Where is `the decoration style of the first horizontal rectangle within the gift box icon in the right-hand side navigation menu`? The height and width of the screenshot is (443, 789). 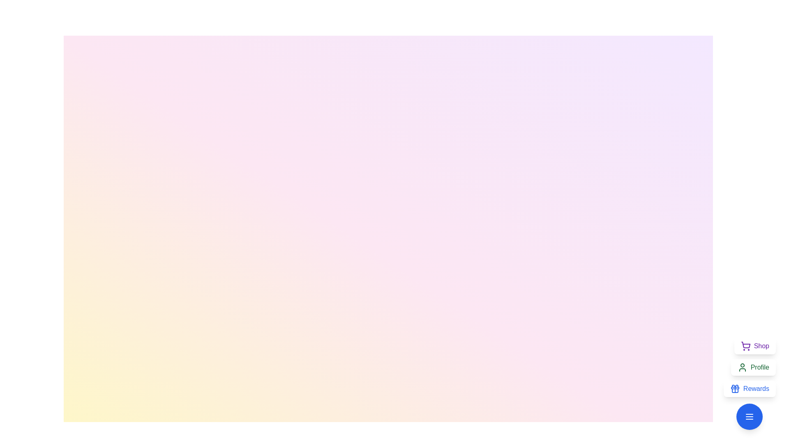 the decoration style of the first horizontal rectangle within the gift box icon in the right-hand side navigation menu is located at coordinates (735, 388).